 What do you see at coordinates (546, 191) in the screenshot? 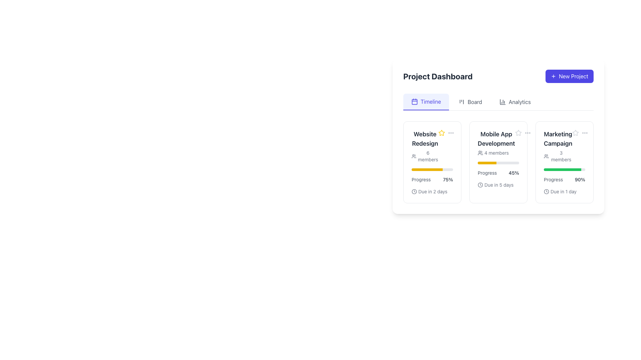
I see `the clock icon located within the 'Marketing Campaign' card, positioned to the left of the text 'Due in 1 day'` at bounding box center [546, 191].